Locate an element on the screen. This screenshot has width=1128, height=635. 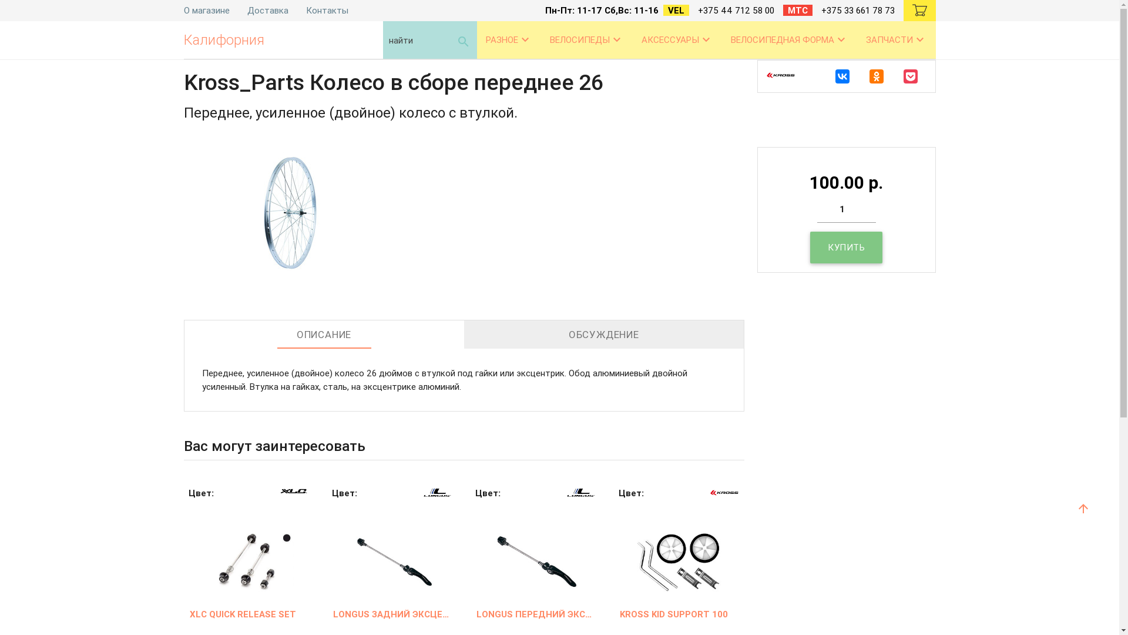
'KROSS KID SUPPORT 100' is located at coordinates (679, 614).